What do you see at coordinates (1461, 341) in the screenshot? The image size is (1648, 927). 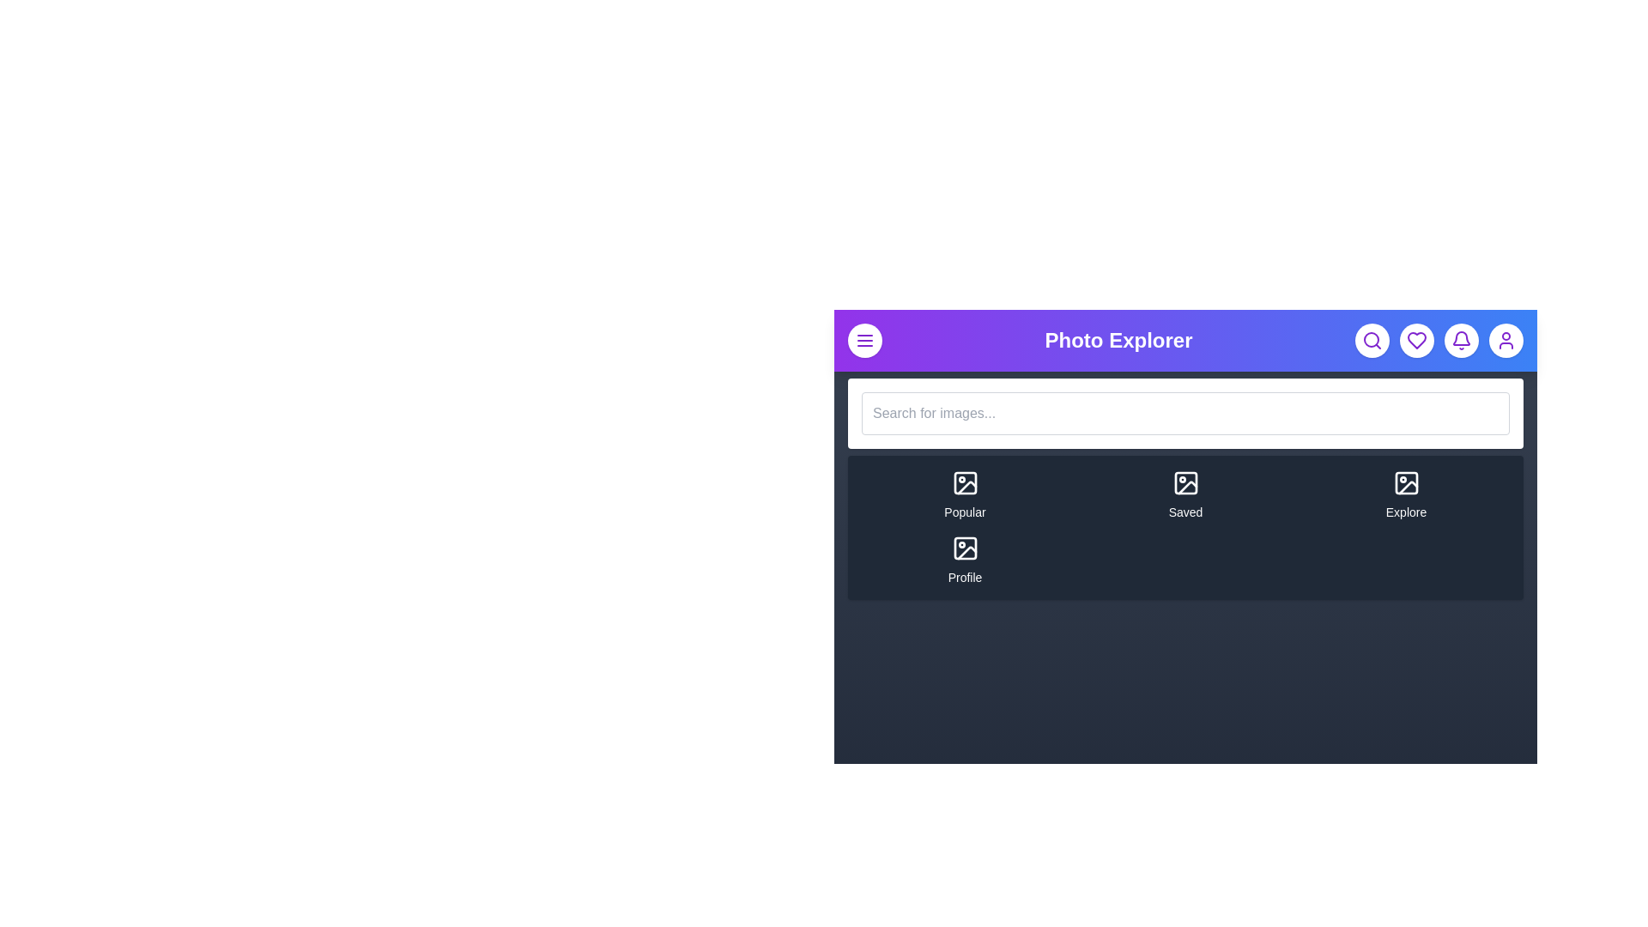 I see `the bell icon to open the notifications` at bounding box center [1461, 341].